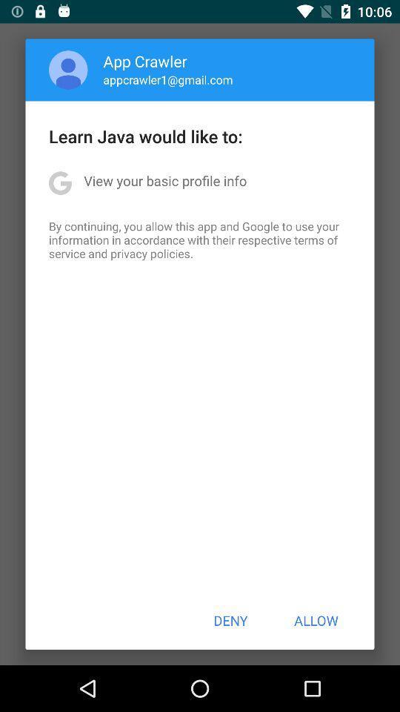 Image resolution: width=400 pixels, height=712 pixels. I want to click on item next to the allow, so click(230, 620).